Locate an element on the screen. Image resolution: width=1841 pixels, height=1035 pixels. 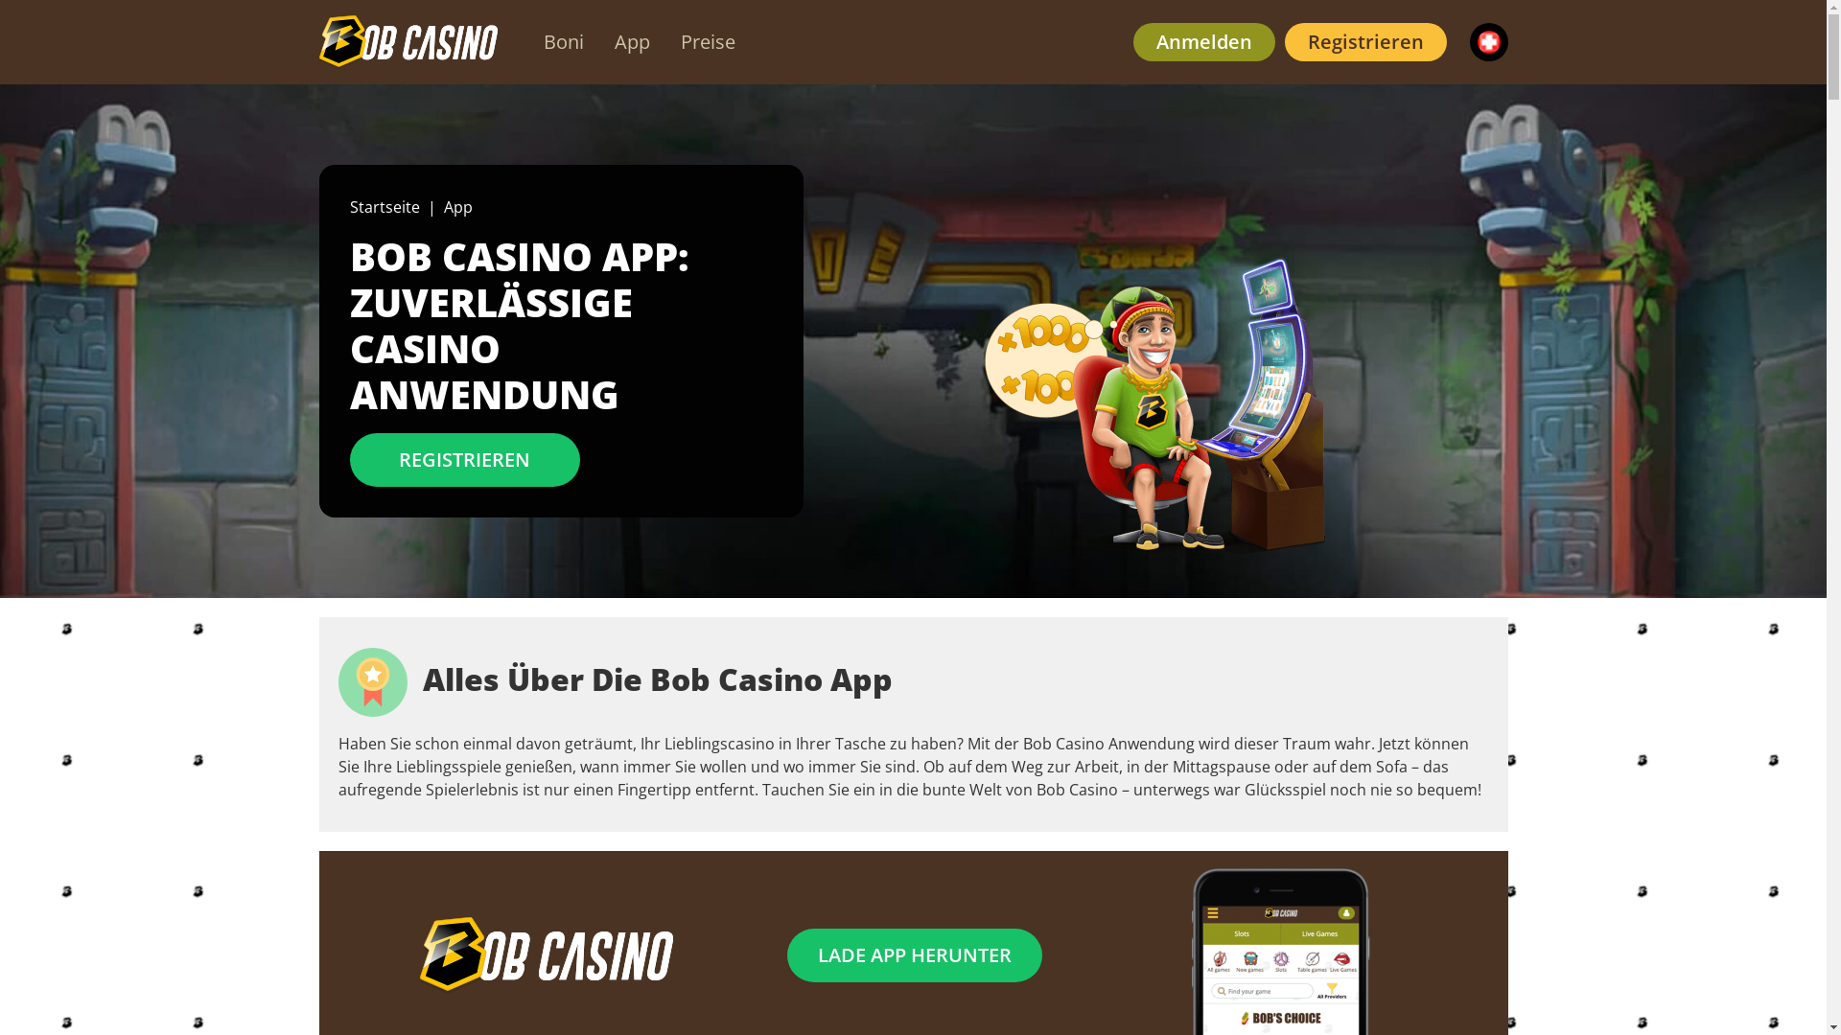
'Anmelden' is located at coordinates (1203, 41).